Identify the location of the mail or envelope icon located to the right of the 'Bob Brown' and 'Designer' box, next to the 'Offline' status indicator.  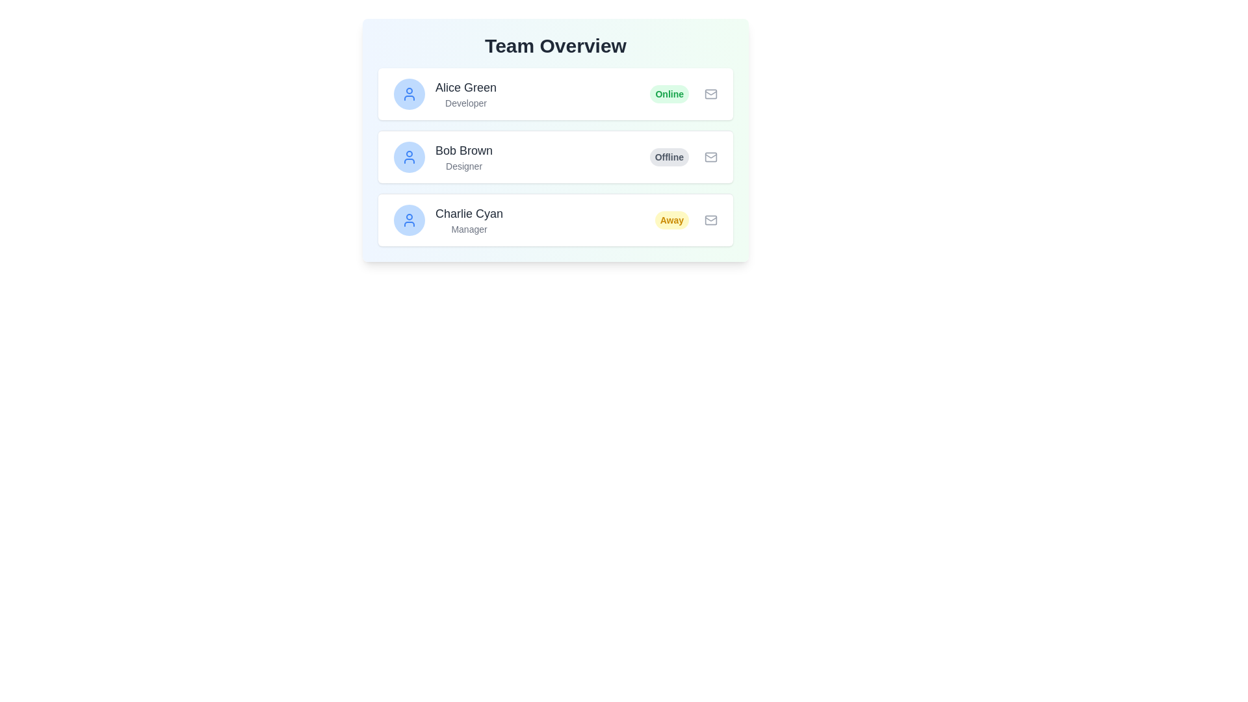
(710, 157).